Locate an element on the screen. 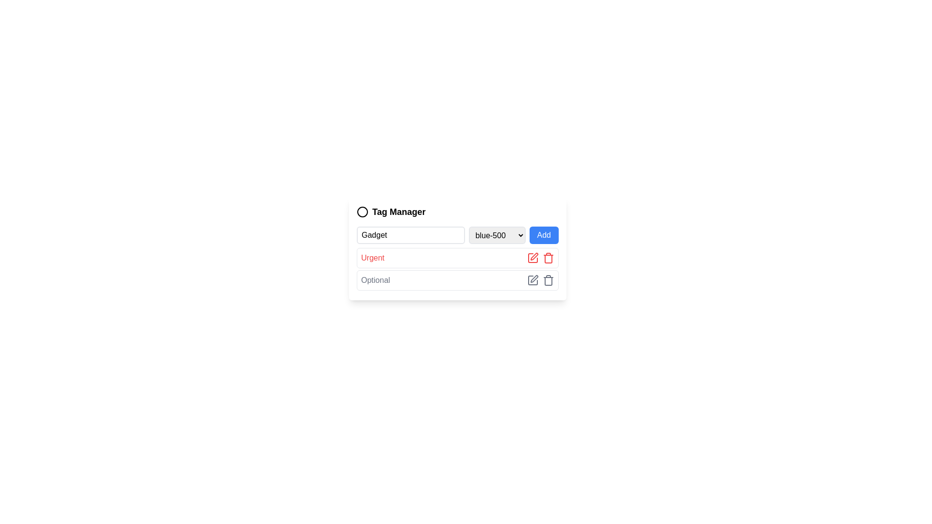 Image resolution: width=932 pixels, height=524 pixels. the circular icon graphic element that serves as a visual identifier for the 'Tag Manager' label, located to the left of the text within the central card interface is located at coordinates (362, 211).